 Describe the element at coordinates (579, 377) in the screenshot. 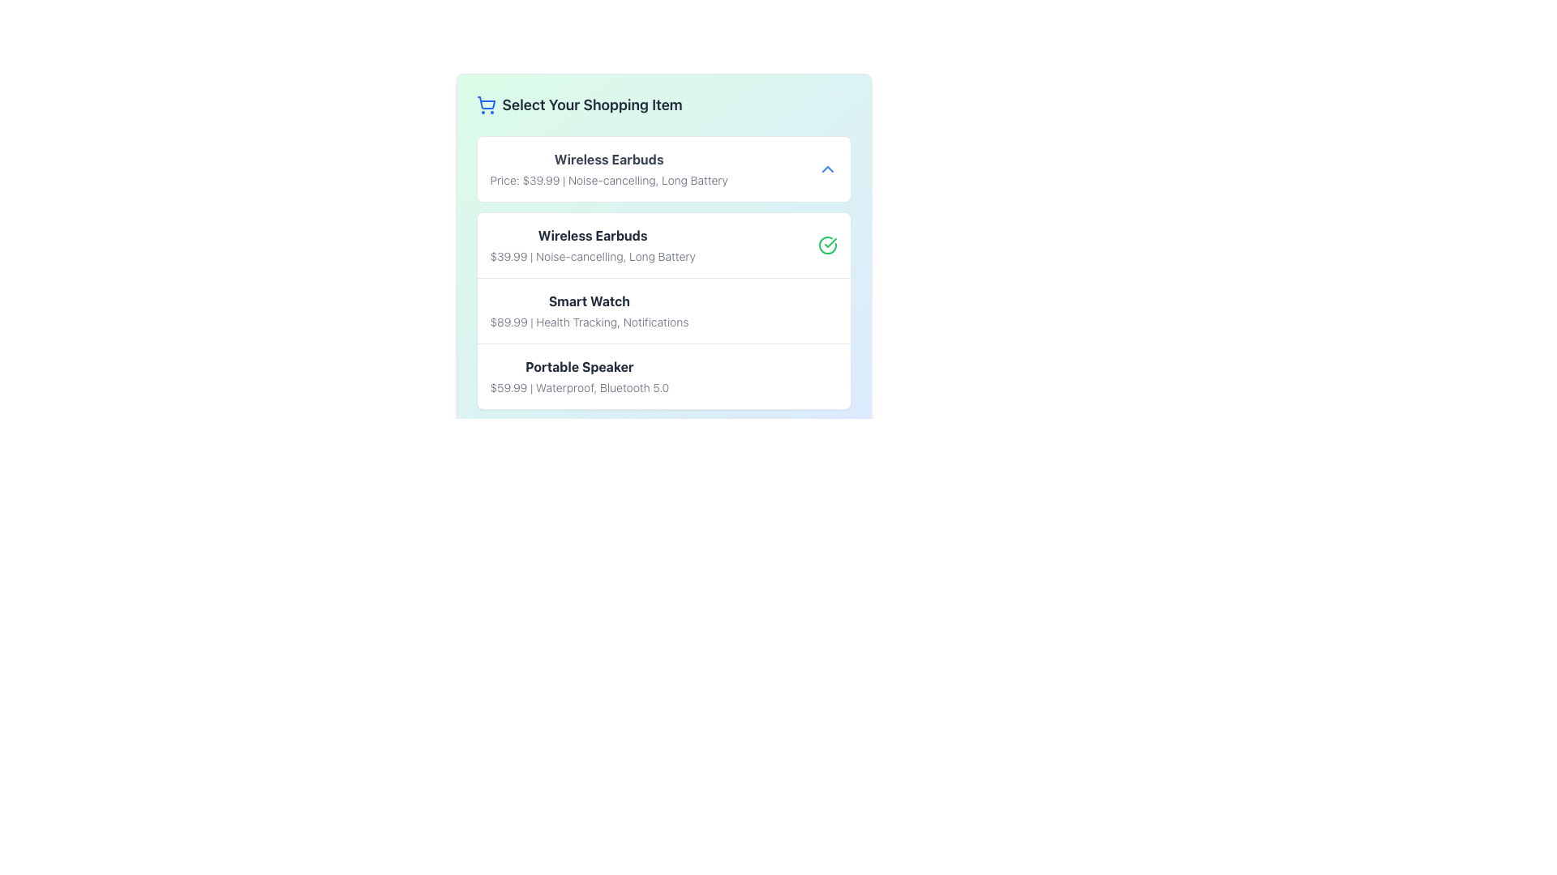

I see `the text block displaying 'Portable Speaker'` at that location.